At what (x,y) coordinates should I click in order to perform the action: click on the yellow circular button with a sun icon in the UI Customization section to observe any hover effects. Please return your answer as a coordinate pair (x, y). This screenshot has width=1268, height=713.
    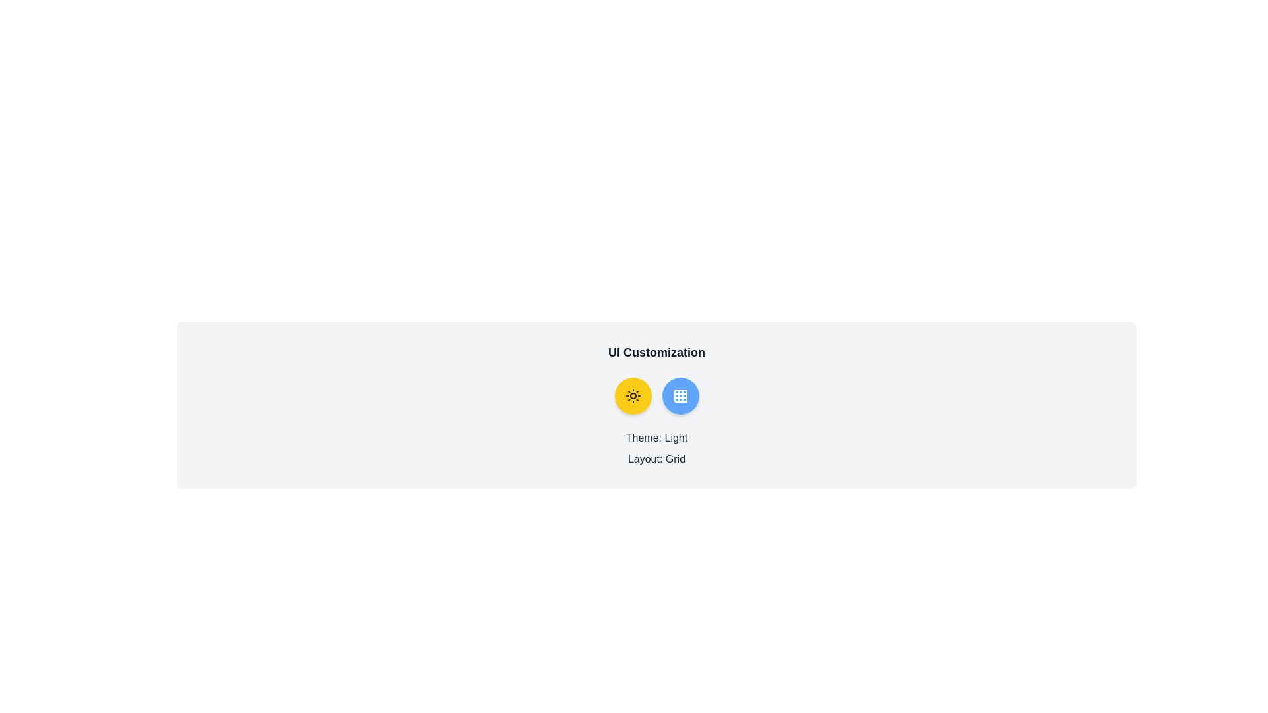
    Looking at the image, I should click on (632, 395).